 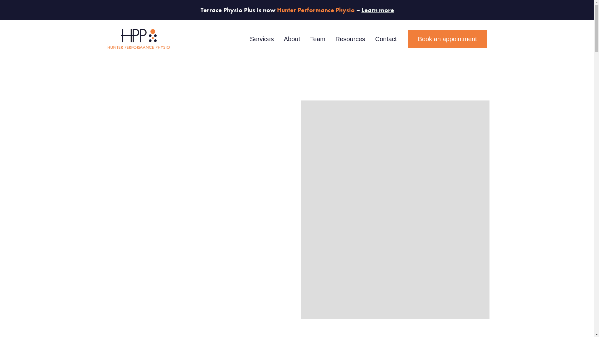 What do you see at coordinates (407, 39) in the screenshot?
I see `'Book an appointment'` at bounding box center [407, 39].